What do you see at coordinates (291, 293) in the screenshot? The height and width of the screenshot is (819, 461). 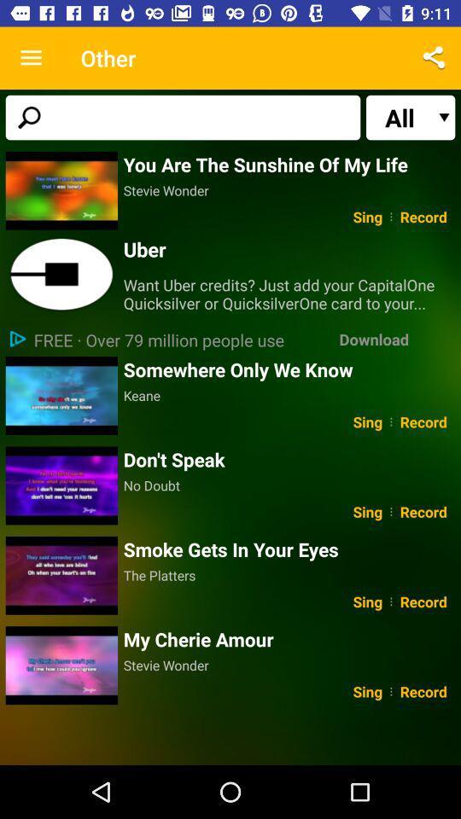 I see `the icon above free over 79` at bounding box center [291, 293].